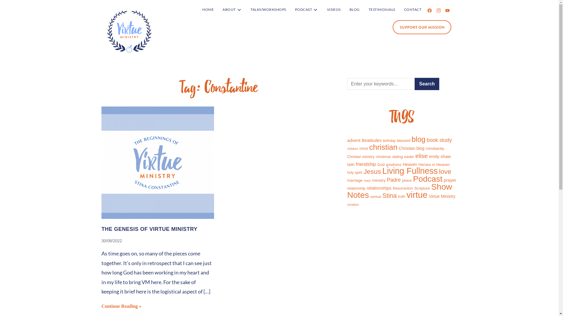 The height and width of the screenshot is (316, 563). Describe the element at coordinates (438, 10) in the screenshot. I see `'instagram'` at that location.